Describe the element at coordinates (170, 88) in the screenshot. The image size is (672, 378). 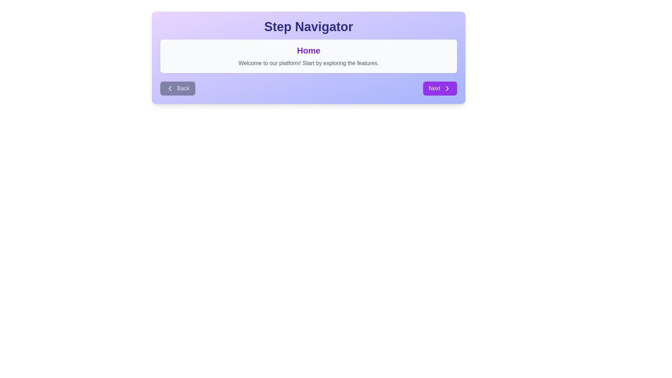
I see `the 'Back' button containing the leftward-pointing chevron icon` at that location.